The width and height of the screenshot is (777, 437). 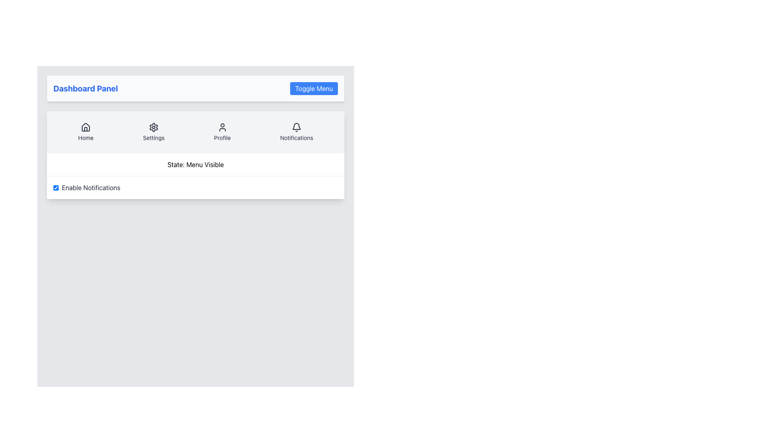 I want to click on the checkbox labeled 'Enable Notifications', so click(x=195, y=187).